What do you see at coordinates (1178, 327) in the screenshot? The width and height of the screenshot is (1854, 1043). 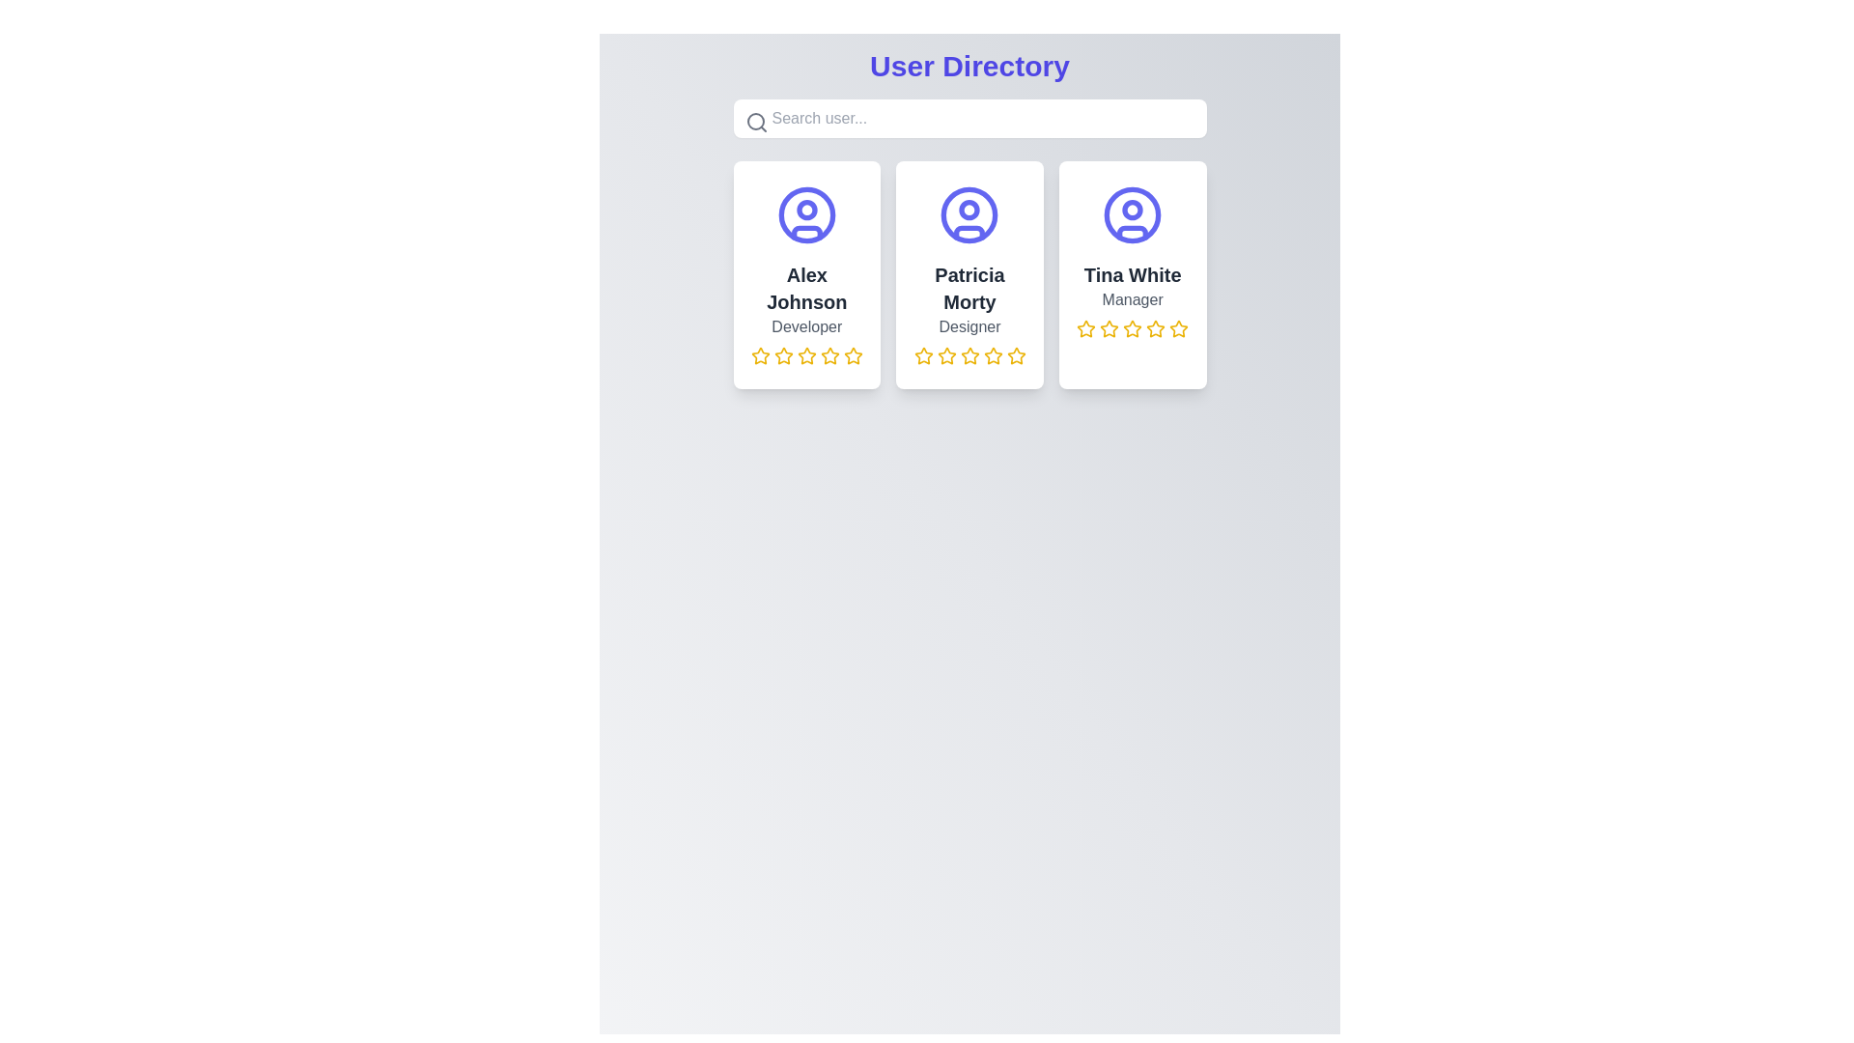 I see `the fifth star icon in the rating component` at bounding box center [1178, 327].